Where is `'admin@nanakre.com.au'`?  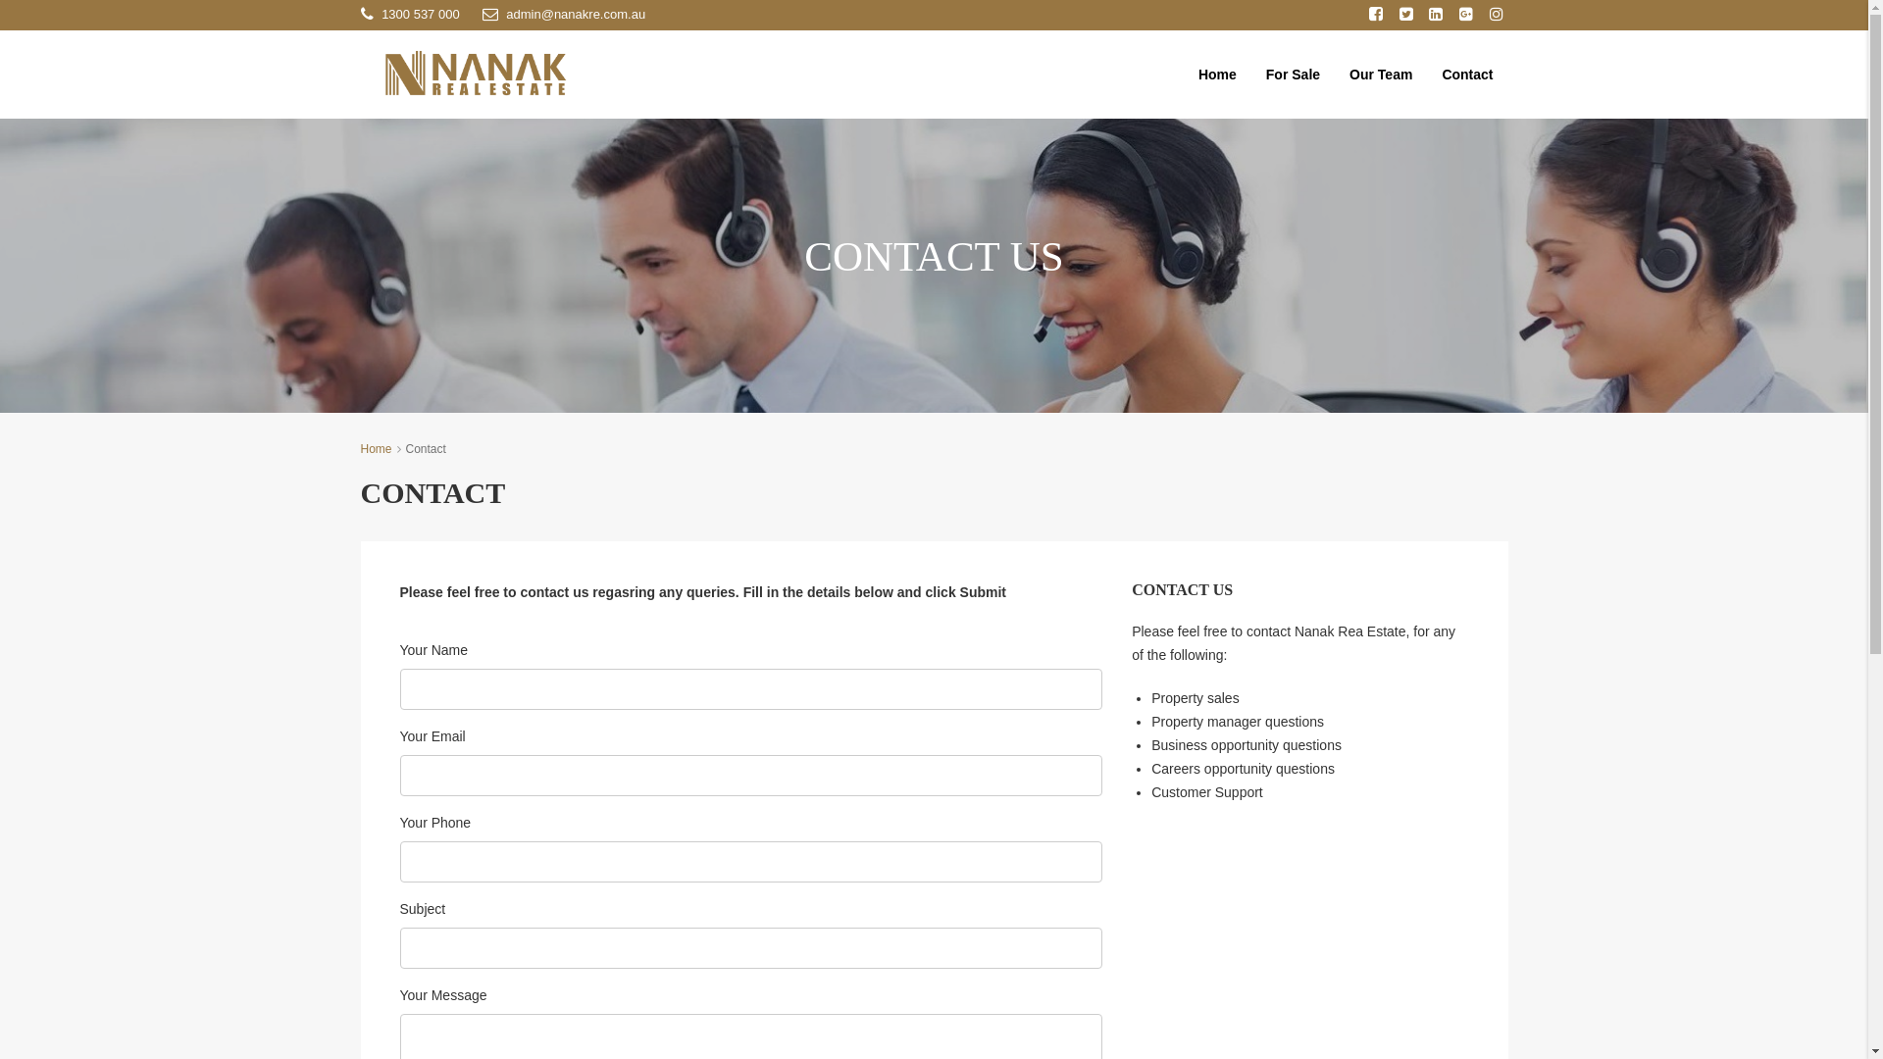
'admin@nanakre.com.au' is located at coordinates (563, 14).